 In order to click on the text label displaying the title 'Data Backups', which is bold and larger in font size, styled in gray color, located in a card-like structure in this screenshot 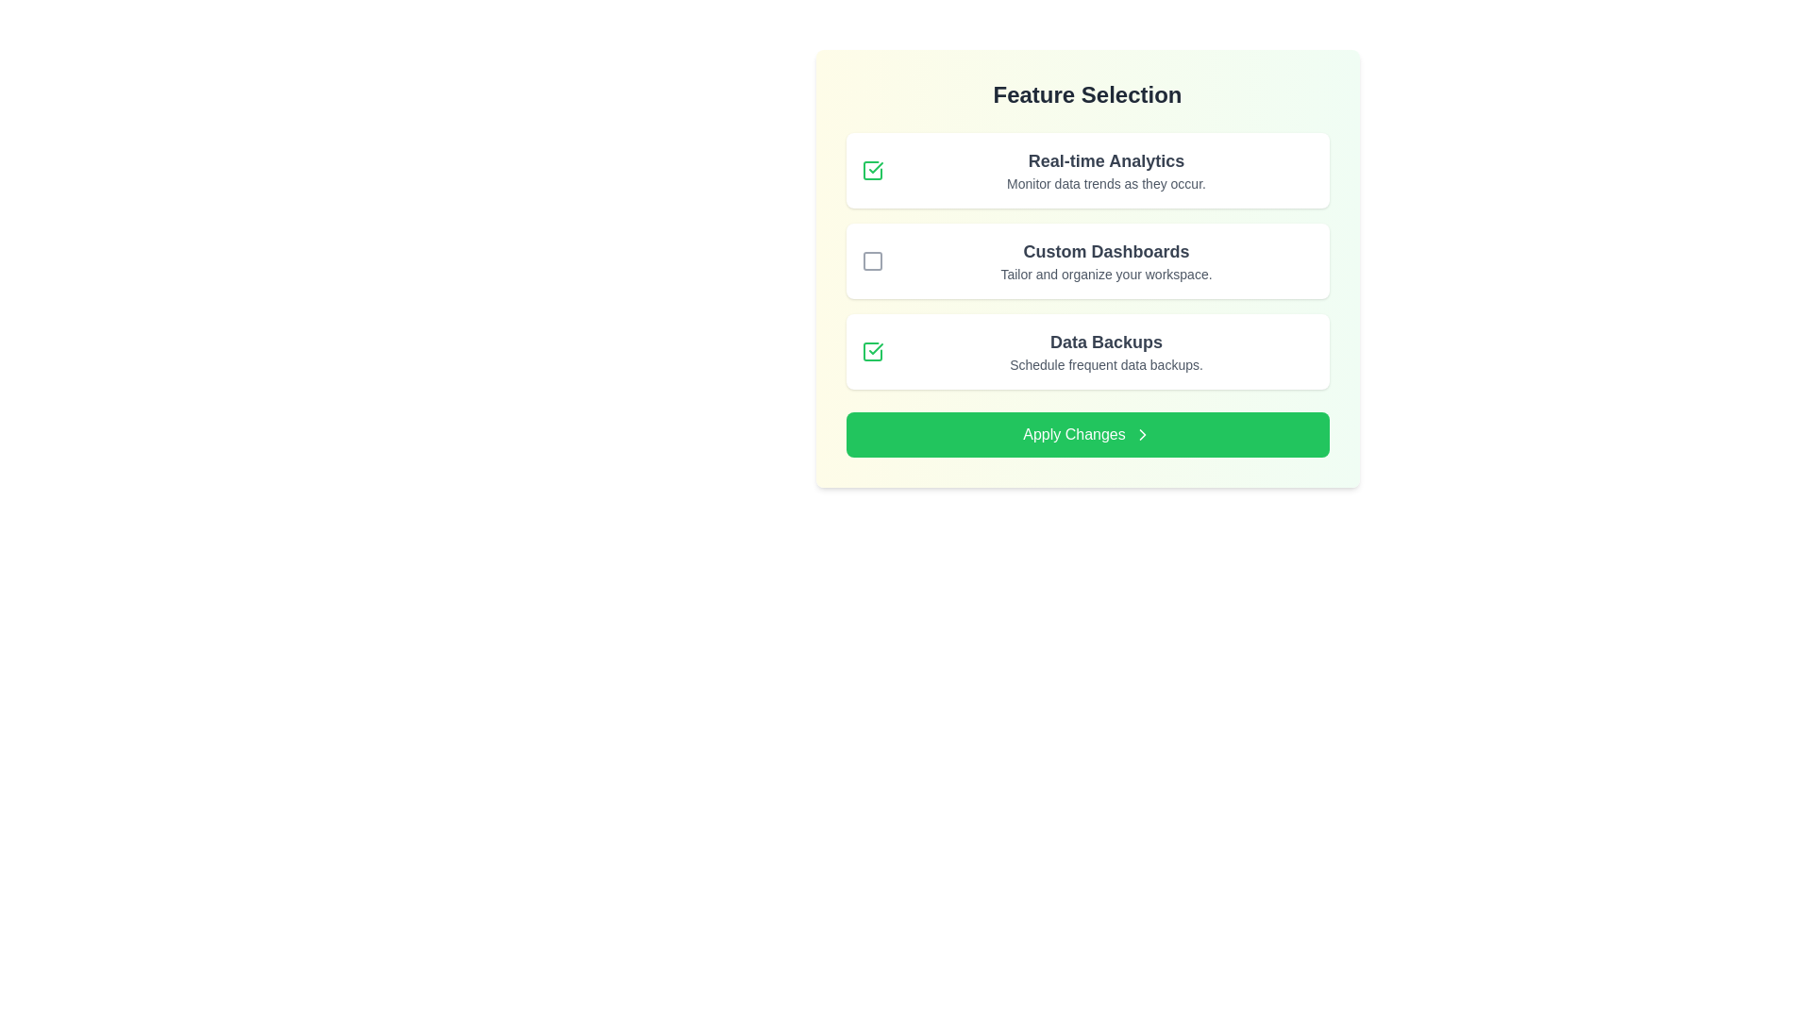, I will do `click(1106, 342)`.